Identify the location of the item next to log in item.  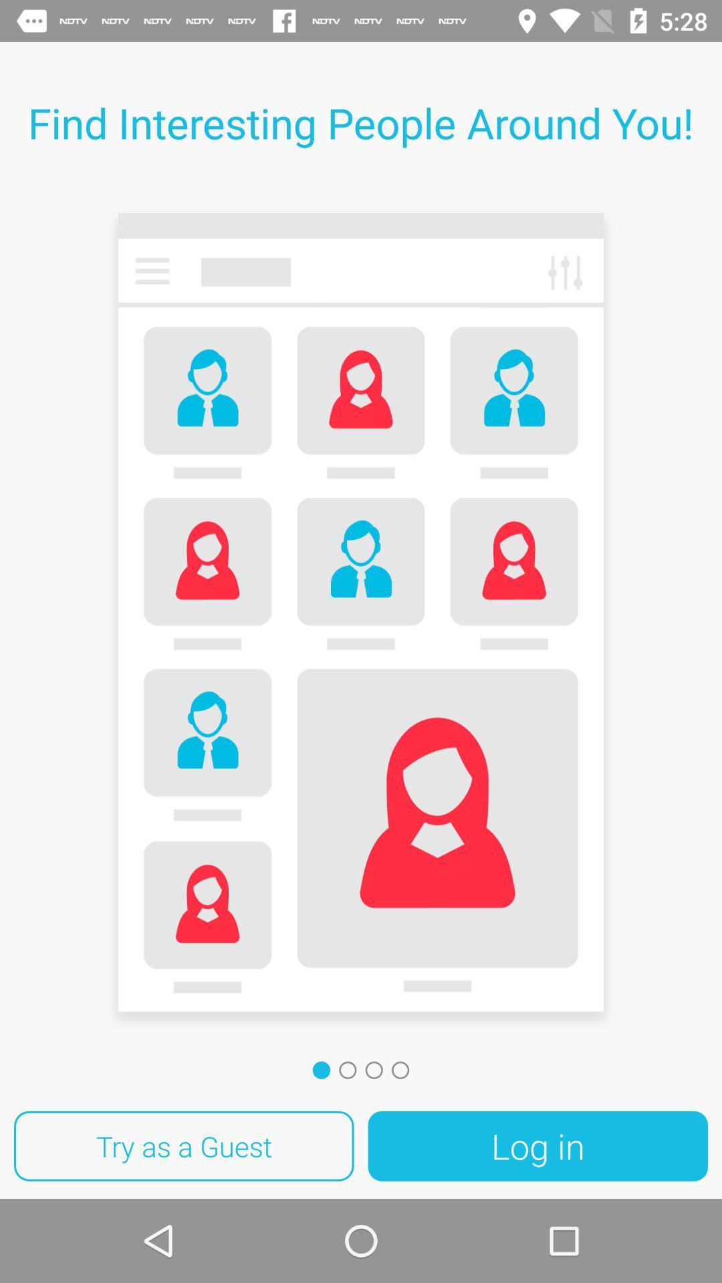
(184, 1145).